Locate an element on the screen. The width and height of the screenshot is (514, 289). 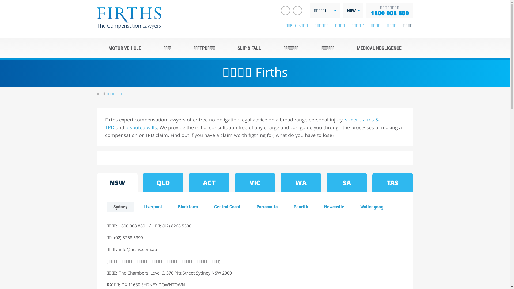
'Central Coast' is located at coordinates (207, 206).